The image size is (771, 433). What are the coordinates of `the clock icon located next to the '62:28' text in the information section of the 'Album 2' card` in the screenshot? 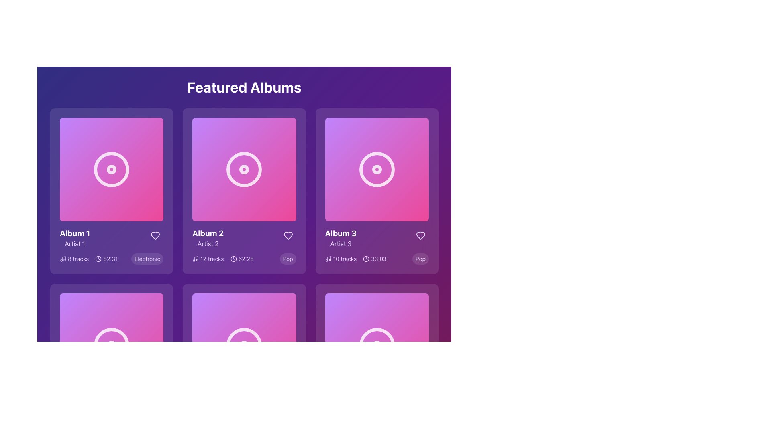 It's located at (233, 259).